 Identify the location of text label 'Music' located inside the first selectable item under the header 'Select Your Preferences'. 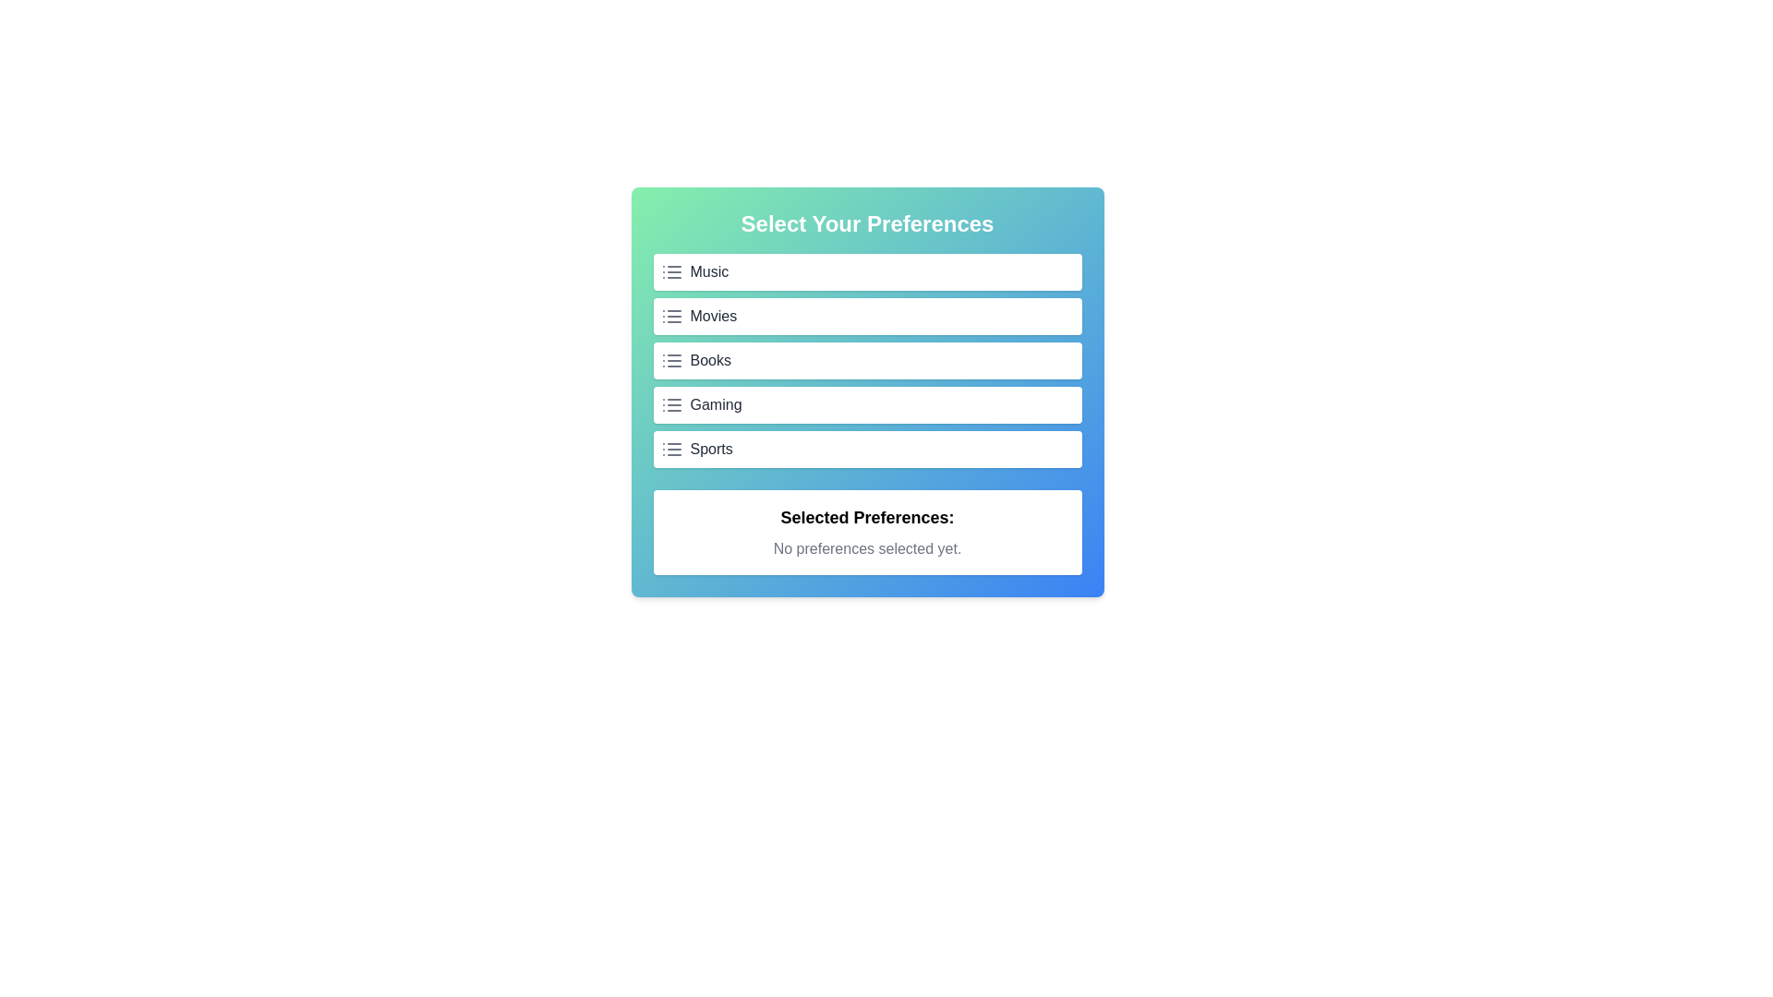
(708, 271).